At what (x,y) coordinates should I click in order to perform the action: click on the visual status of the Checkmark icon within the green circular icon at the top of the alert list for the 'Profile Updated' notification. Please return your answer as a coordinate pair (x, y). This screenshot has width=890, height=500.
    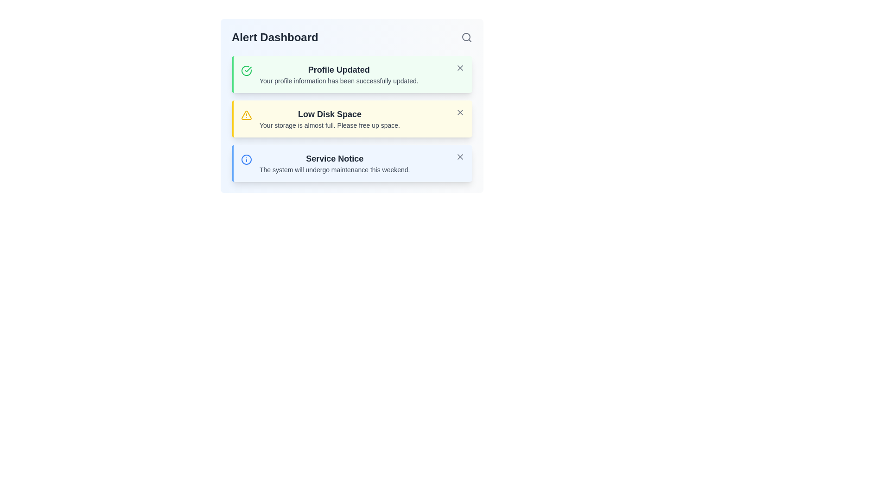
    Looking at the image, I should click on (248, 69).